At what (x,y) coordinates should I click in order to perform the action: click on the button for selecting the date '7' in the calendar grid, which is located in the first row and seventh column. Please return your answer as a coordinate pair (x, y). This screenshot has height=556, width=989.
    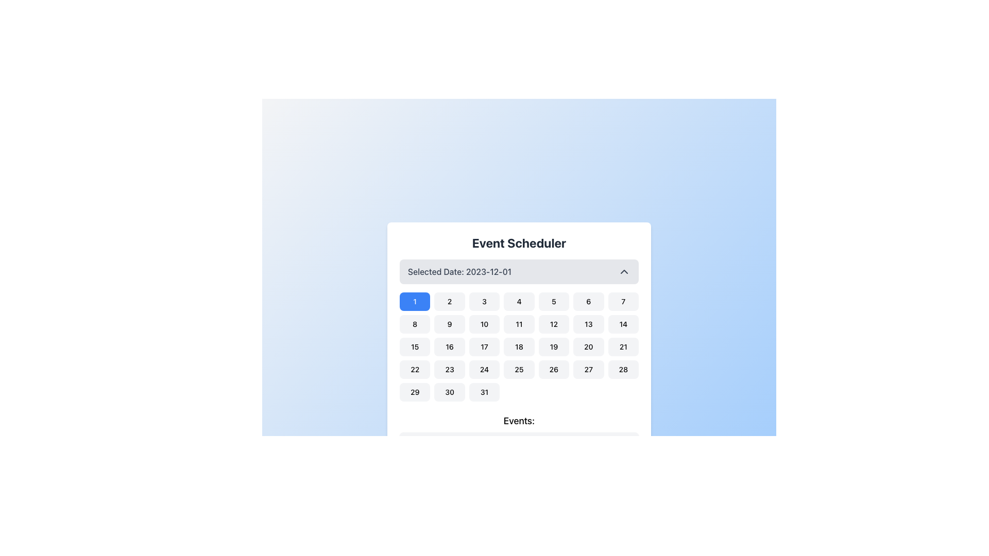
    Looking at the image, I should click on (623, 301).